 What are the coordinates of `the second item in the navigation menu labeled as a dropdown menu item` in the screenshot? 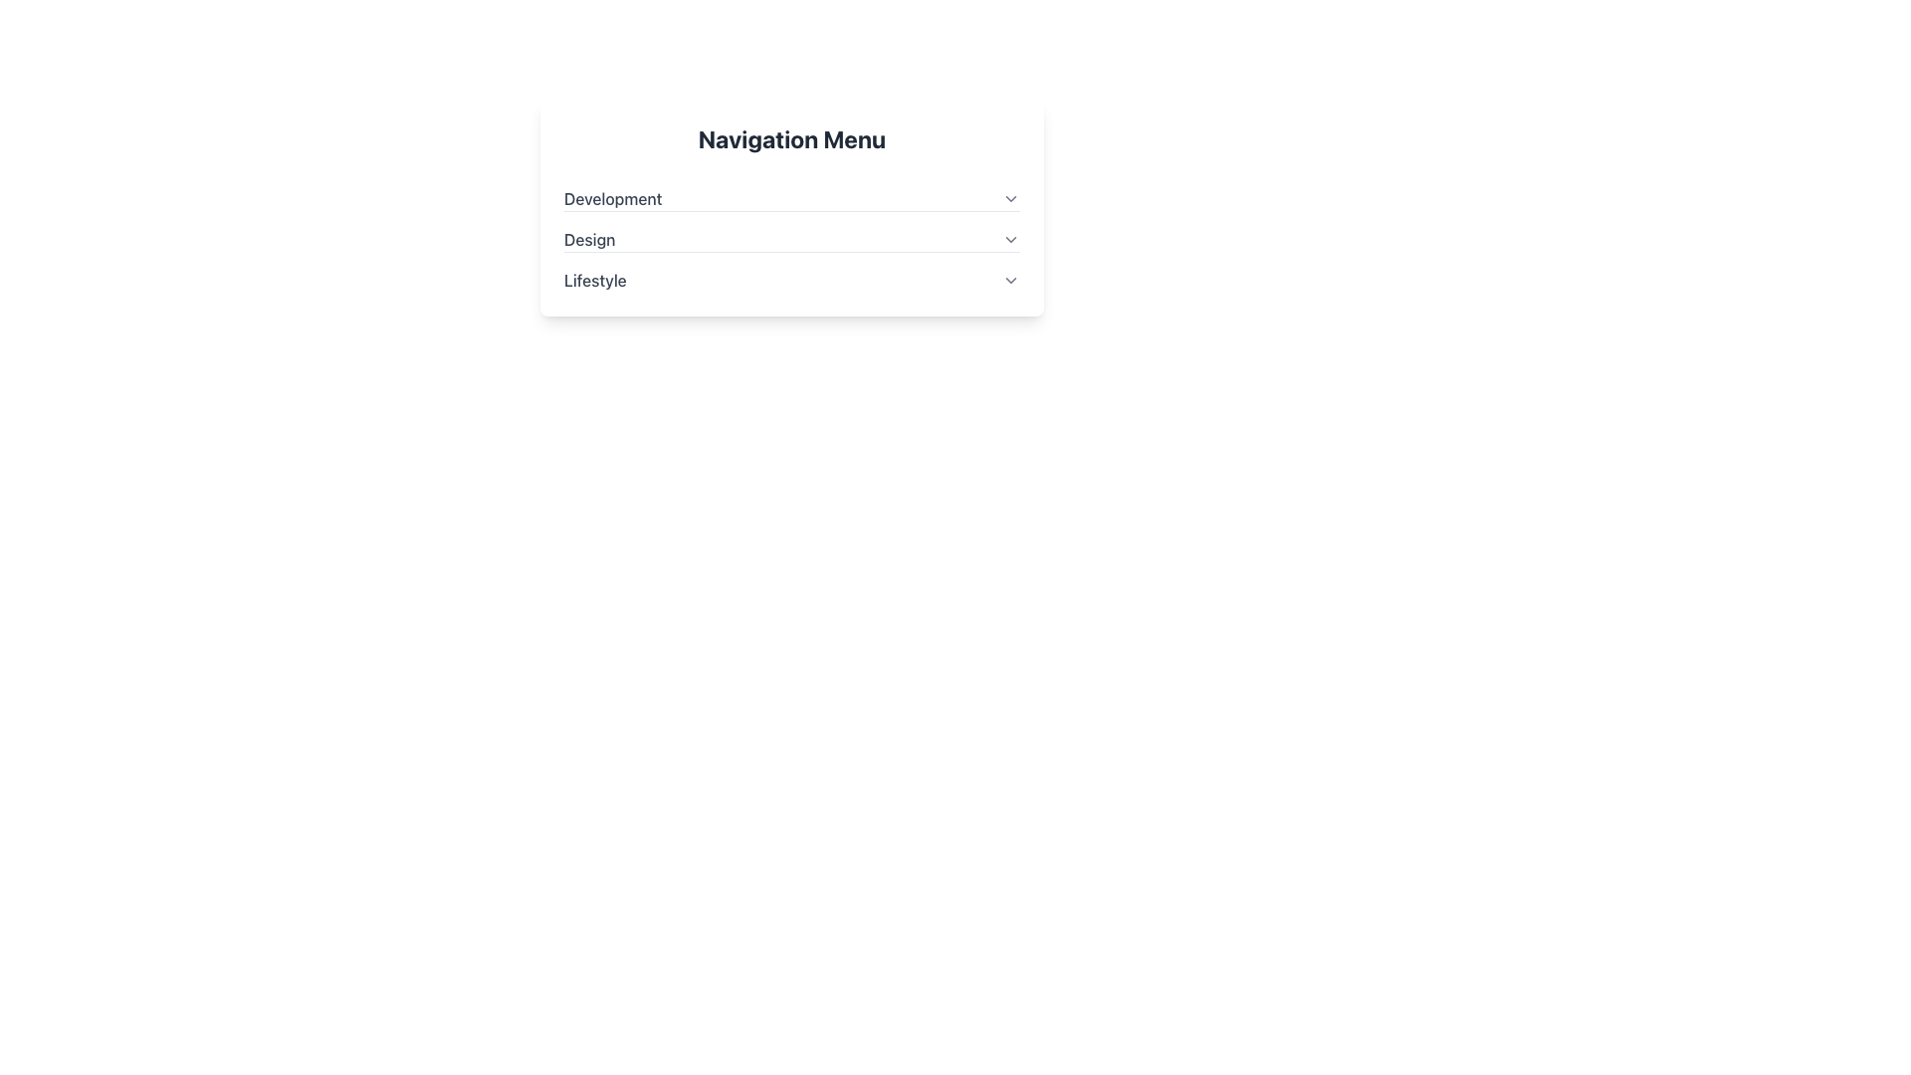 It's located at (791, 230).